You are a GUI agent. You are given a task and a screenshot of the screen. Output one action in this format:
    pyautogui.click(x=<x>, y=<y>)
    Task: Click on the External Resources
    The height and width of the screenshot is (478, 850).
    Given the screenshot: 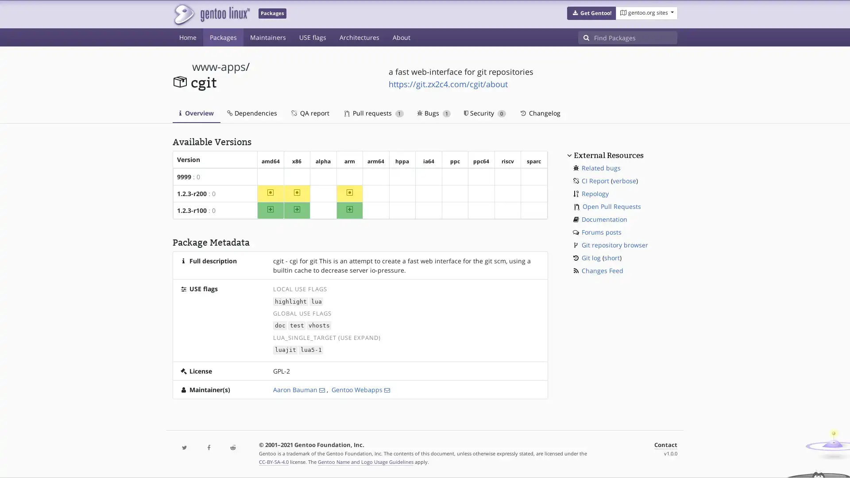 What is the action you would take?
    pyautogui.click(x=607, y=154)
    